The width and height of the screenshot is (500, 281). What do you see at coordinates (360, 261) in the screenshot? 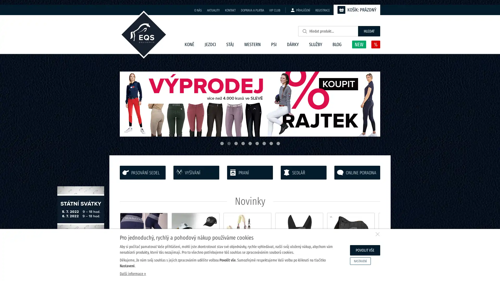
I see `NASTAVENI` at bounding box center [360, 261].